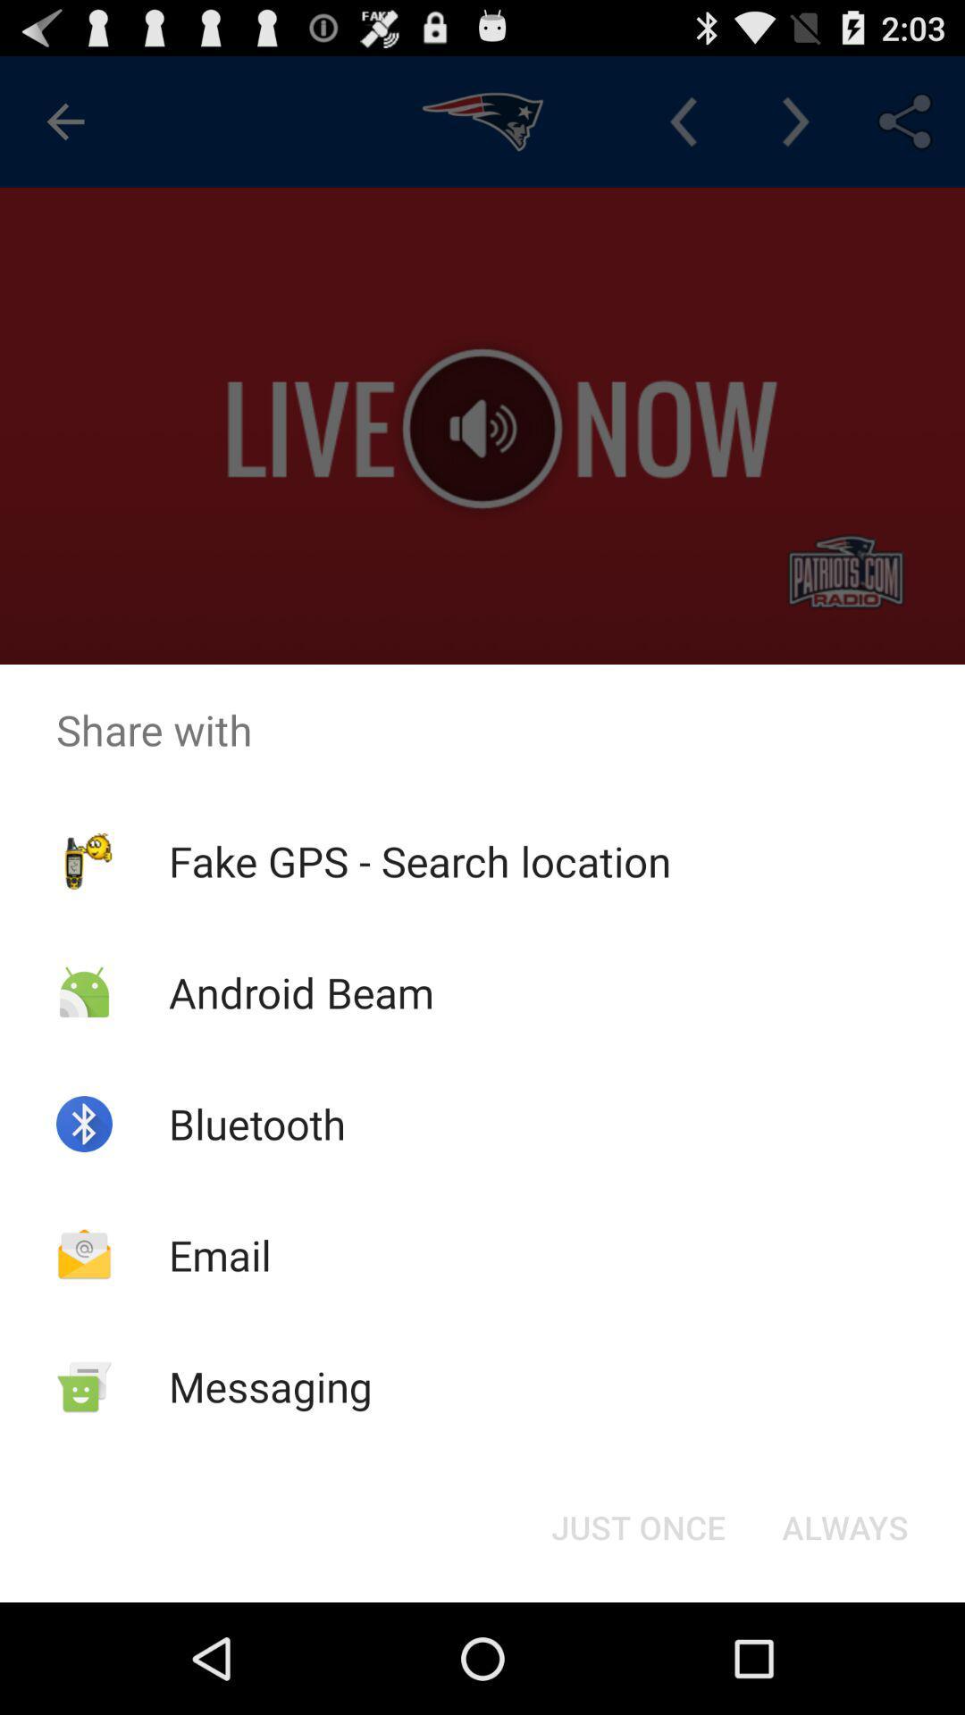 The width and height of the screenshot is (965, 1715). I want to click on always, so click(844, 1526).